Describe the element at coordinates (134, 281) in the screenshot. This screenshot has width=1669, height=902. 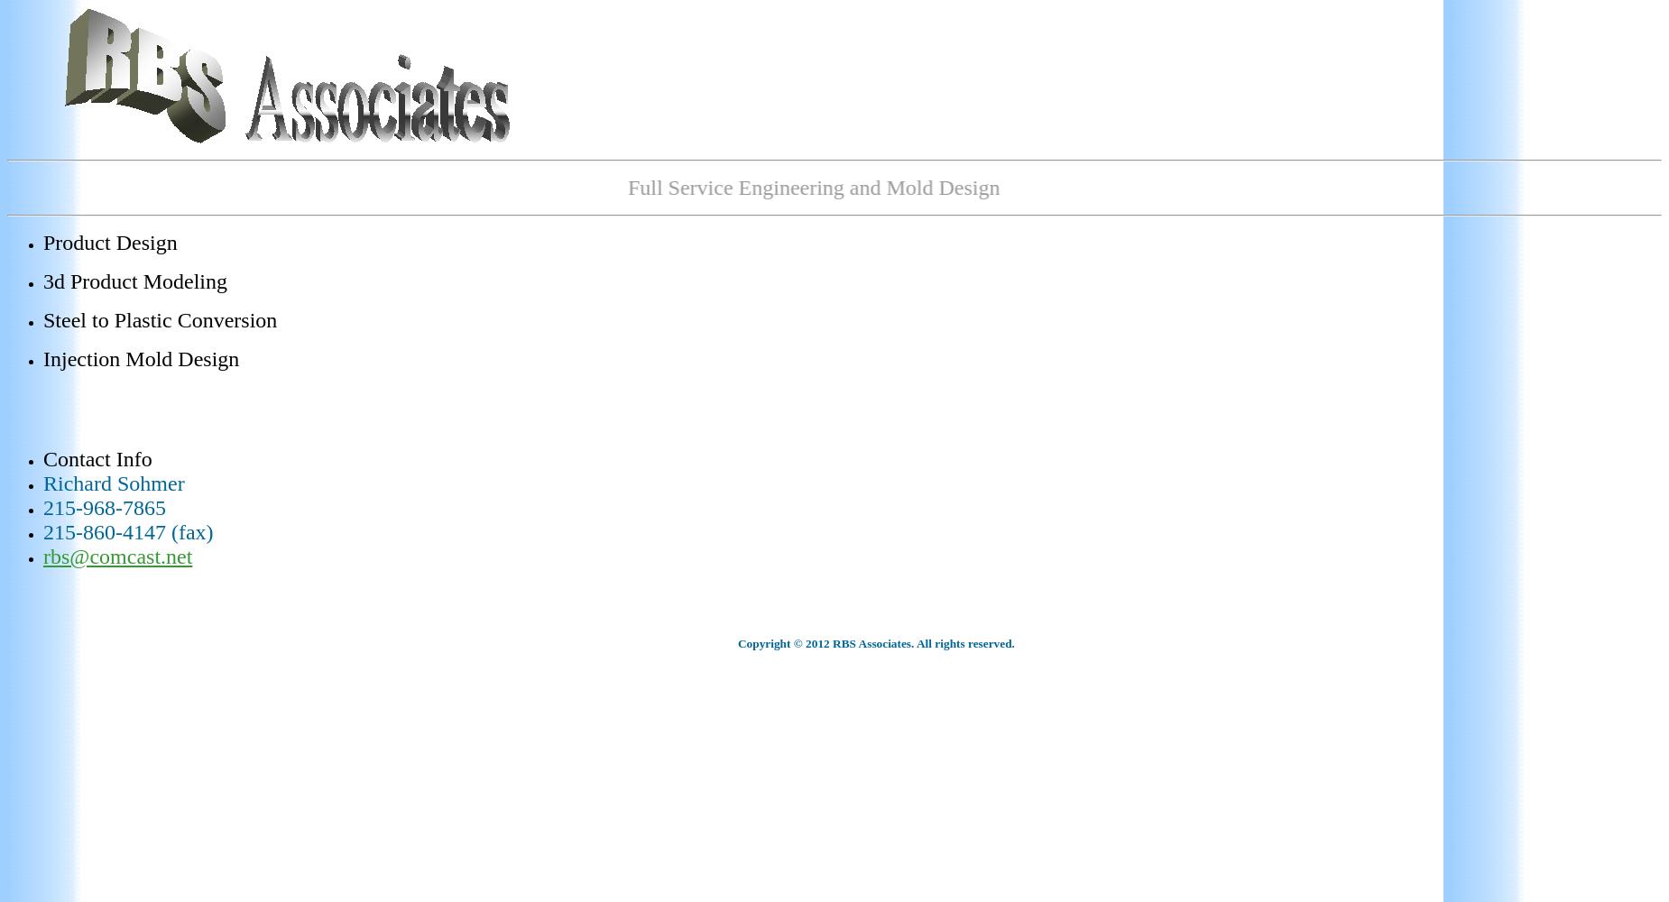
I see `'3d Product Modeling'` at that location.